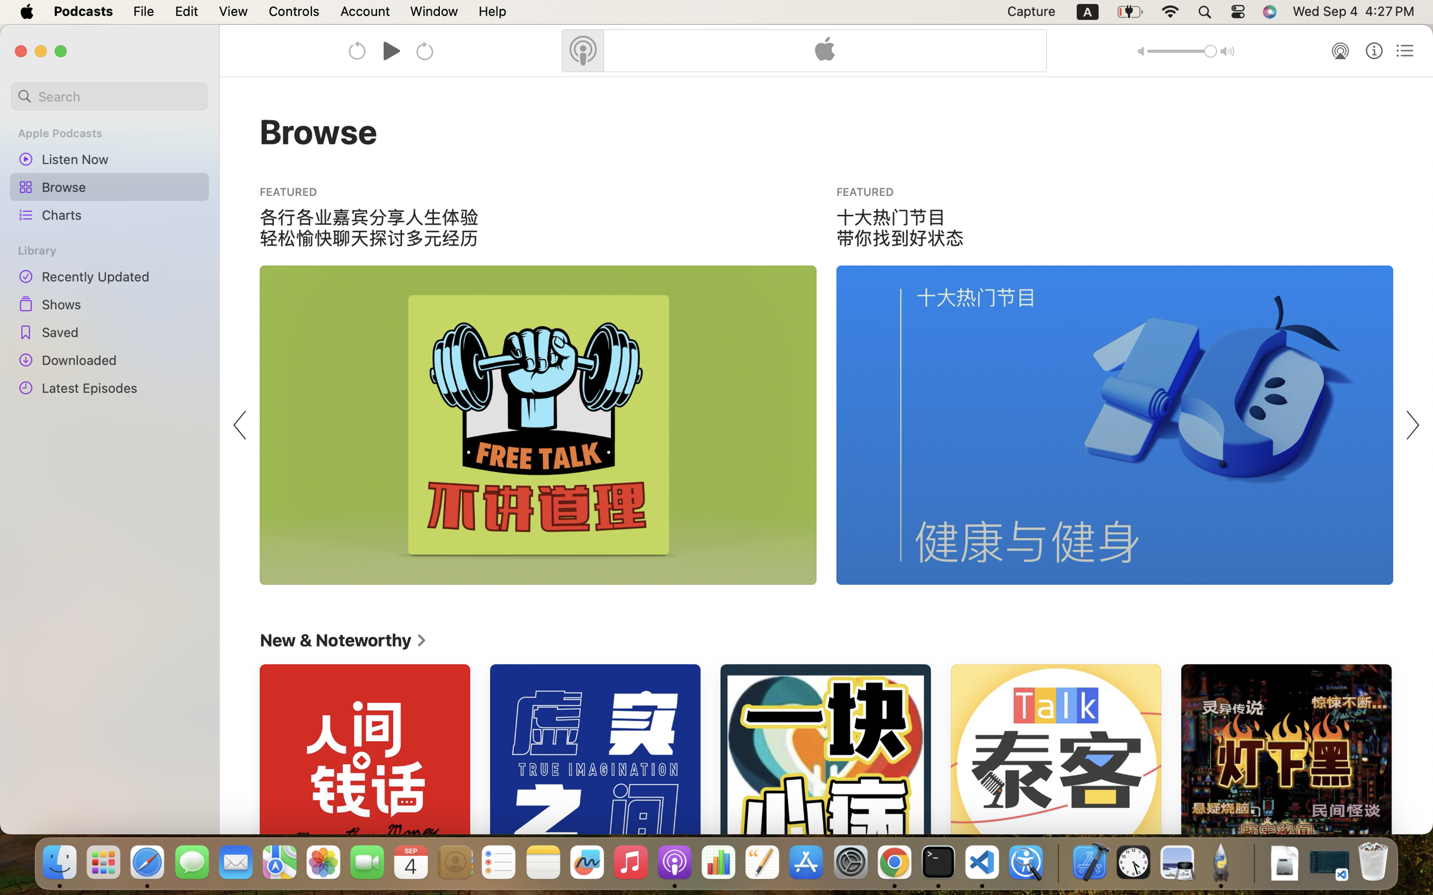 The width and height of the screenshot is (1433, 895). I want to click on '1.0', so click(1182, 51).